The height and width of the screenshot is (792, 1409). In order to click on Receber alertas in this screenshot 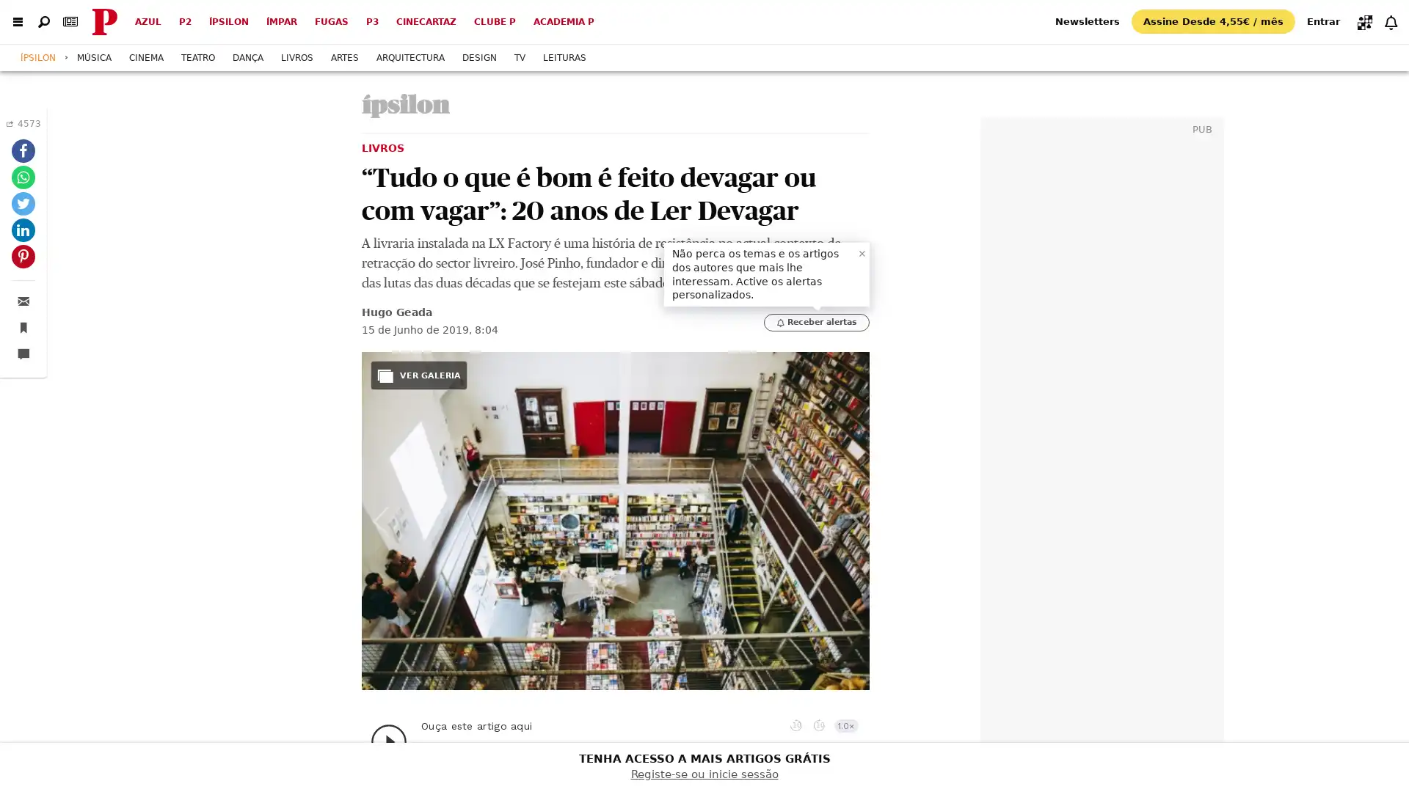, I will do `click(816, 321)`.